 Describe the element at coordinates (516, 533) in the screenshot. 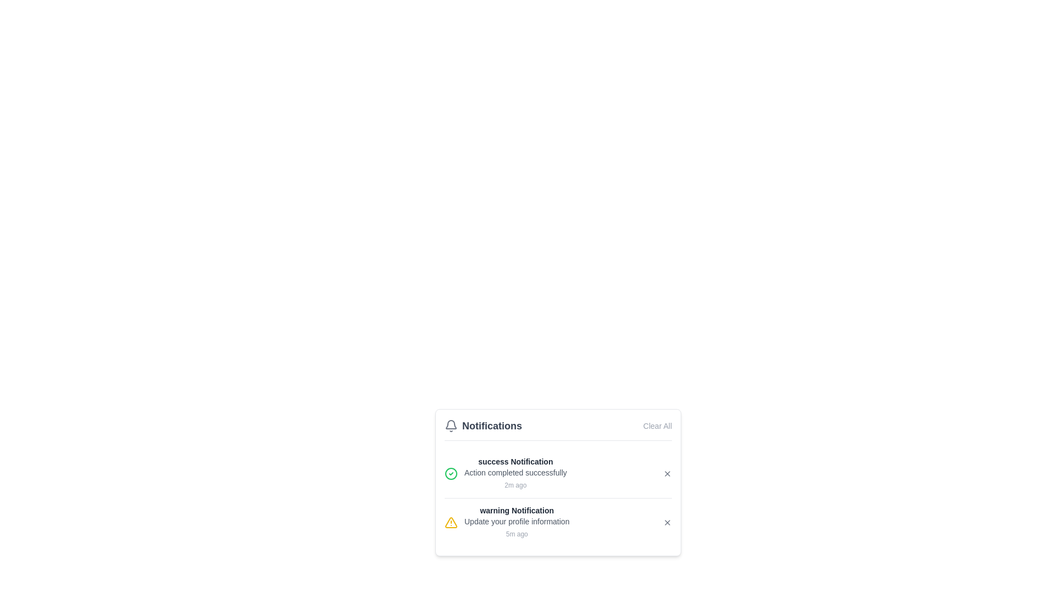

I see `the Timestamp label displaying '5m ago' located at the bottom-right corner of the notification that advises to 'Update your profile information.'` at that location.